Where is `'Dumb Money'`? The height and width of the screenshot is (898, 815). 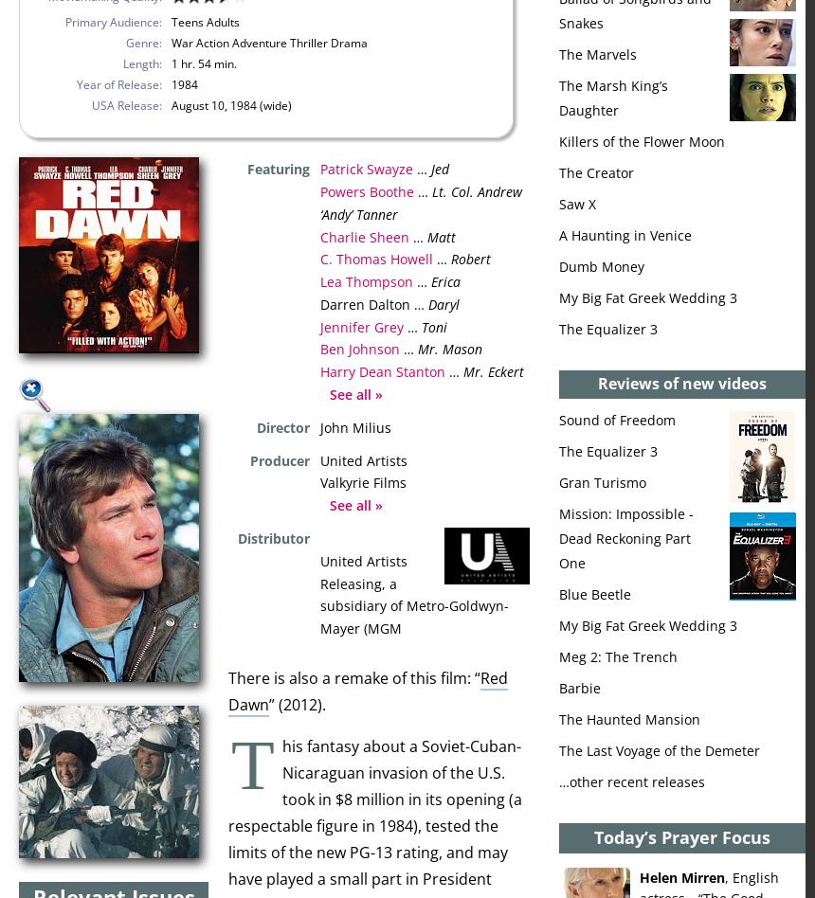
'Dumb Money' is located at coordinates (601, 265).